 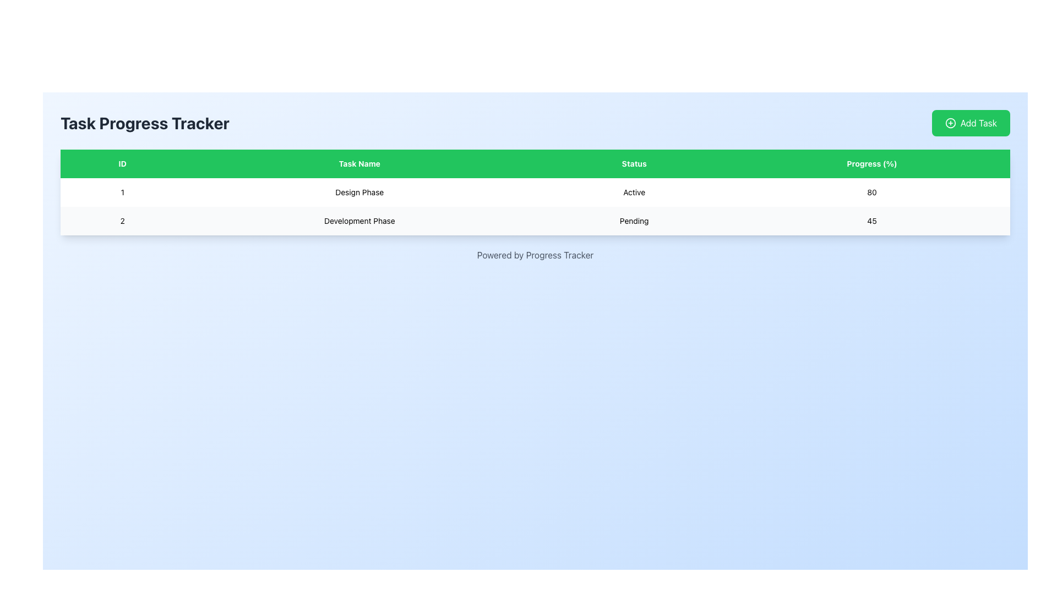 I want to click on the decorative circle element of the 'Add Task' button icon located at the top-right corner of the interface, so click(x=950, y=123).